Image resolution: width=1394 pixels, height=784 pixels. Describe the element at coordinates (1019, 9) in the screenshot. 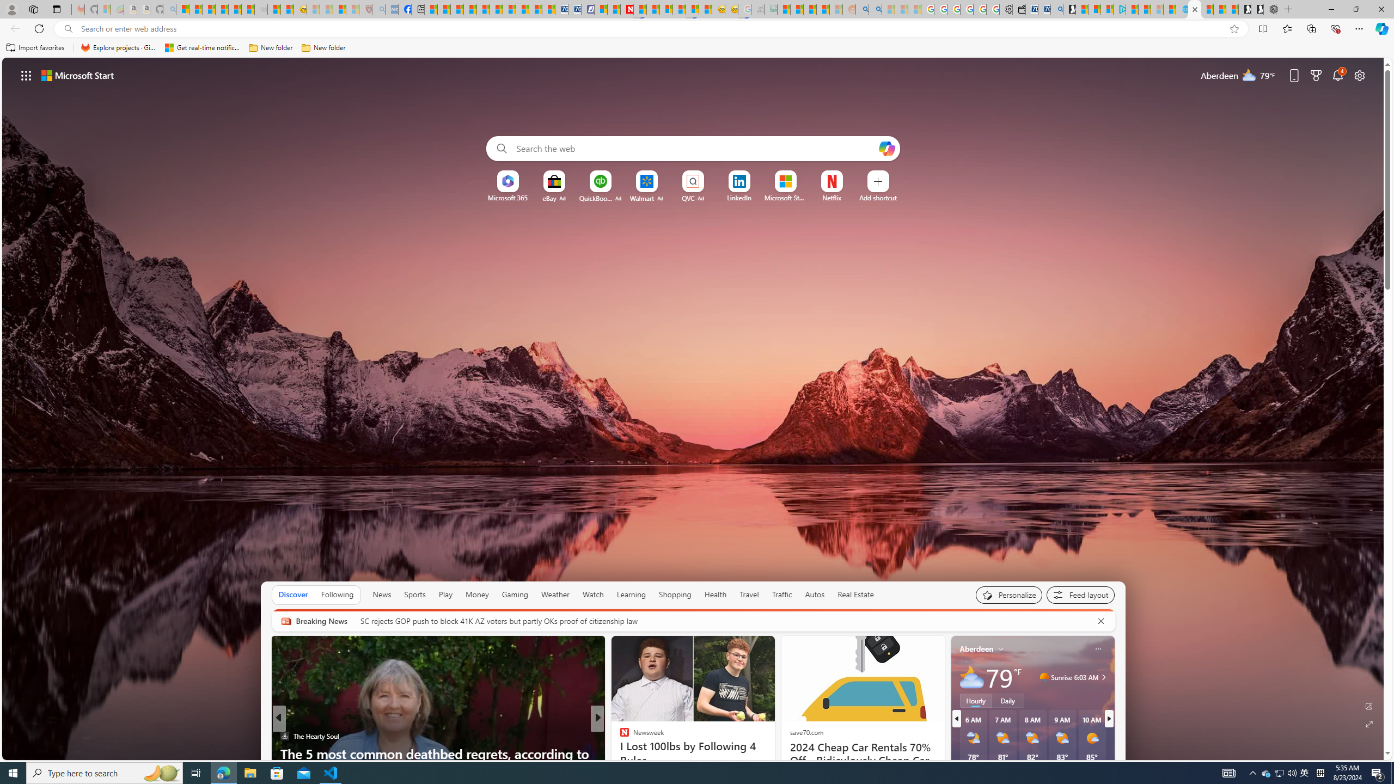

I see `'Wallet'` at that location.